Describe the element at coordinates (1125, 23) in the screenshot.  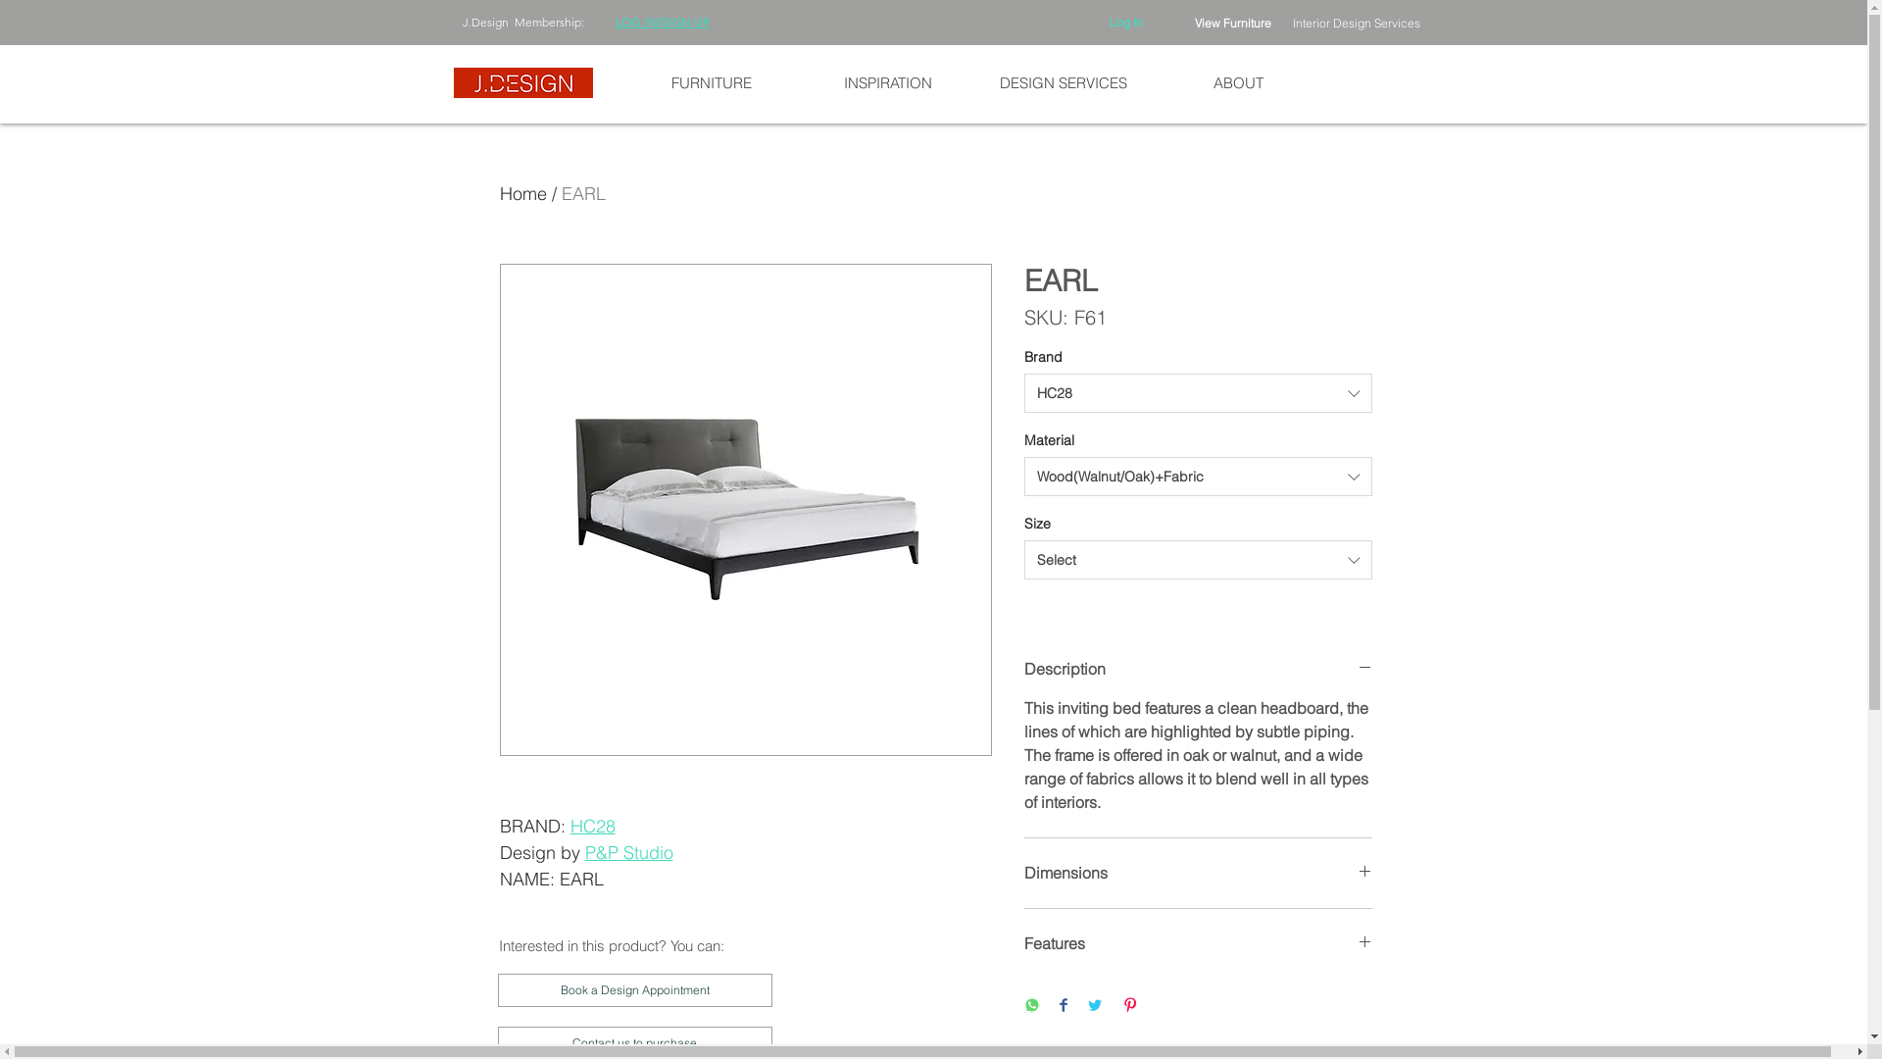
I see `'Log In'` at that location.